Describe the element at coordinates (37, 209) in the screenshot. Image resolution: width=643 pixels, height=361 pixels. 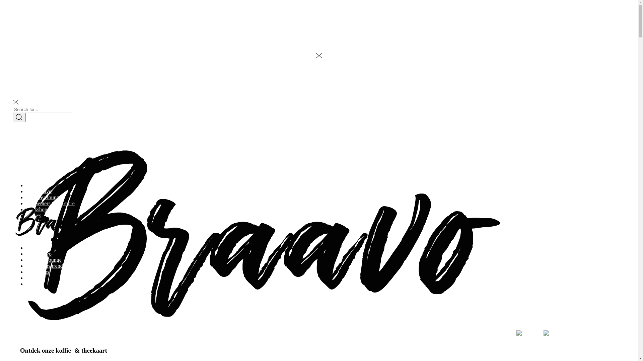
I see `'workshops'` at that location.